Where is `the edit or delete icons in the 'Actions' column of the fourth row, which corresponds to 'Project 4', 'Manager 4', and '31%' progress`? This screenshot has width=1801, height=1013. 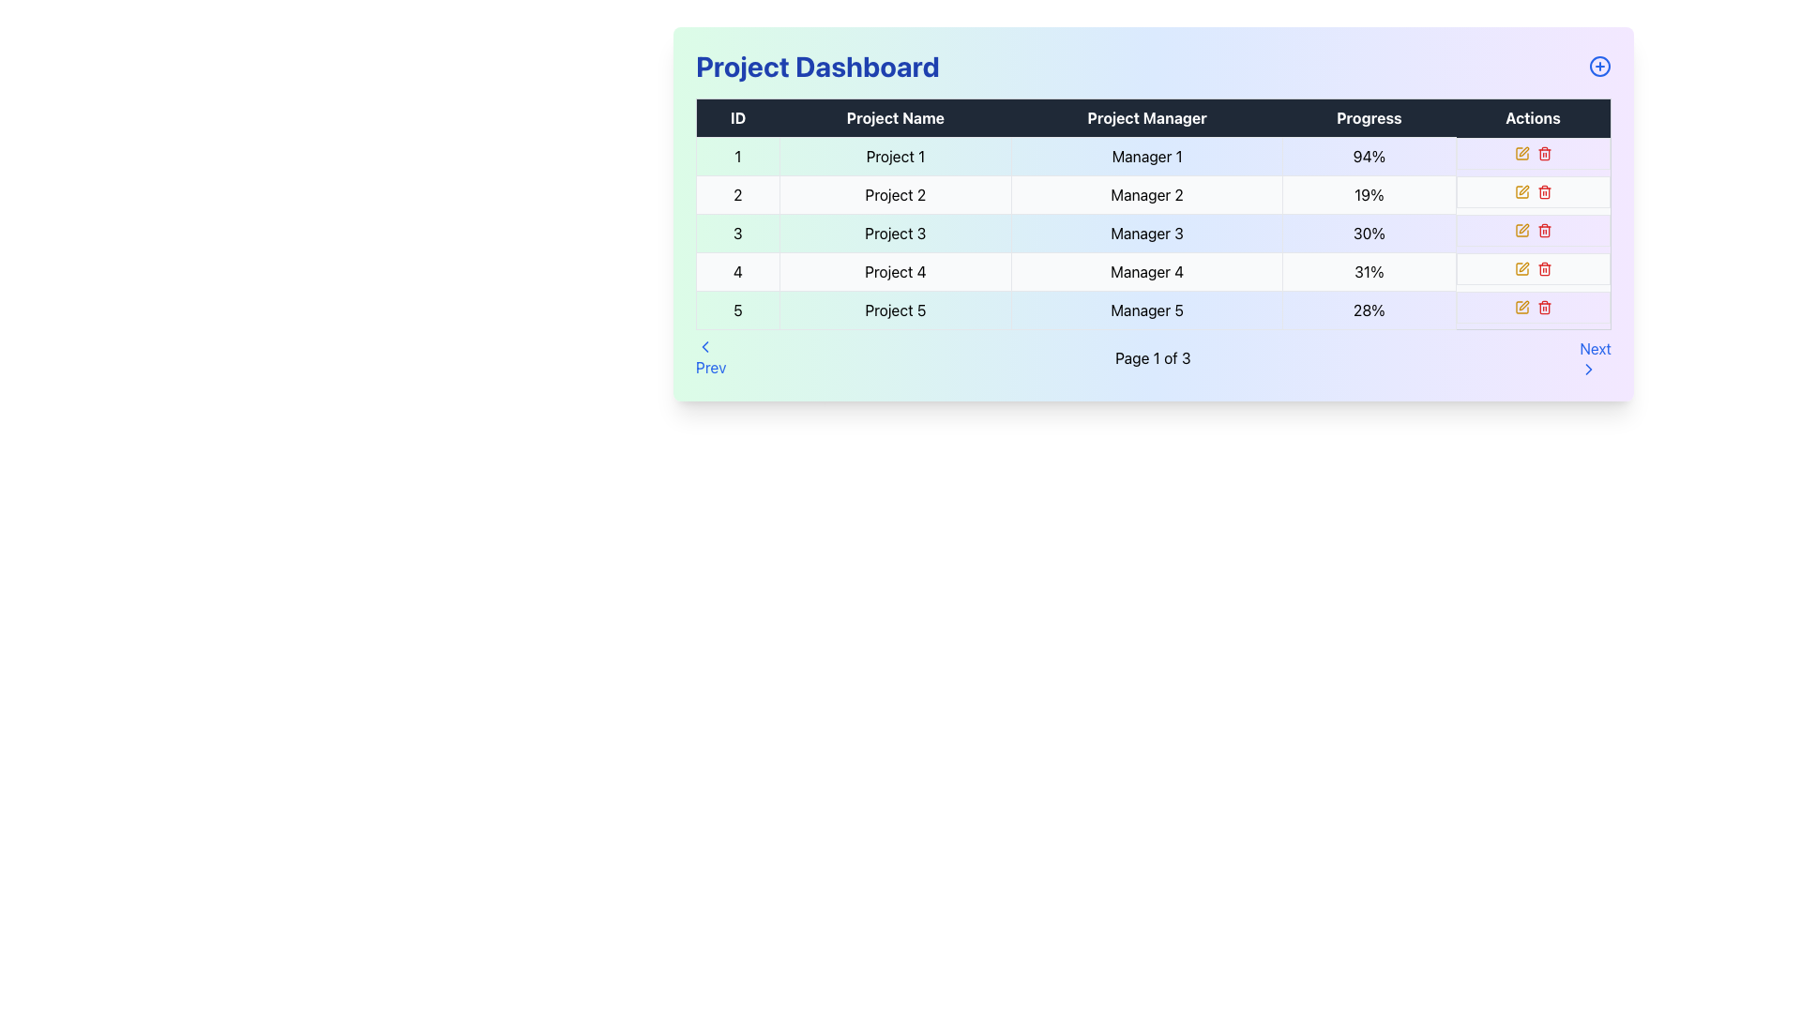 the edit or delete icons in the 'Actions' column of the fourth row, which corresponds to 'Project 4', 'Manager 4', and '31%' progress is located at coordinates (1533, 268).